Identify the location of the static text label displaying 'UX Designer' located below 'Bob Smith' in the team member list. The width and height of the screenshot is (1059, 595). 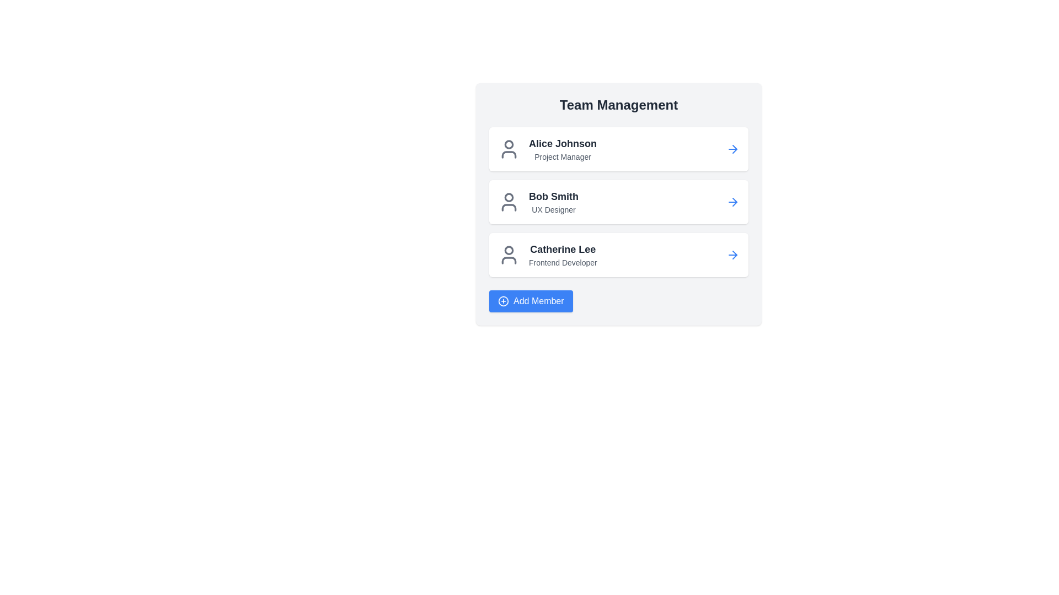
(553, 210).